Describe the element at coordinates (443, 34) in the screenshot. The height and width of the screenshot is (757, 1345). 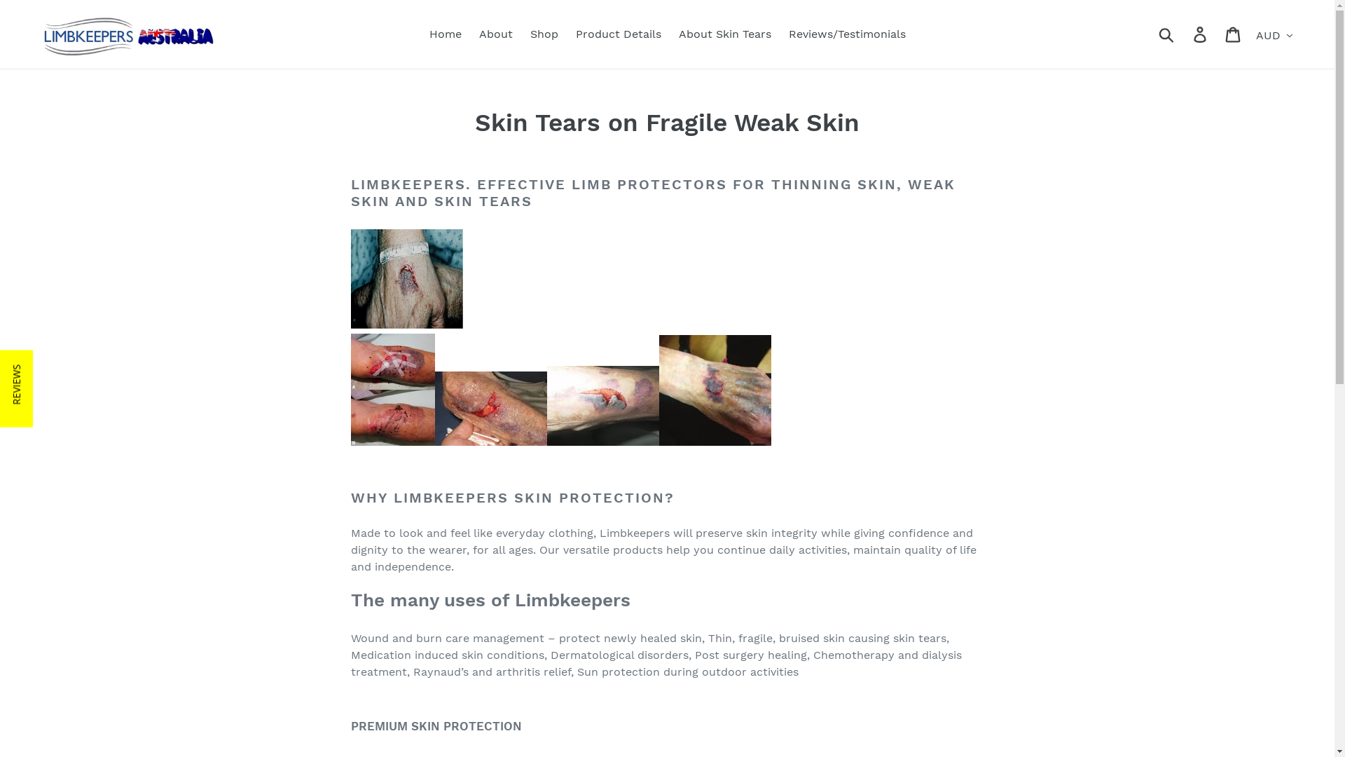
I see `'Home'` at that location.